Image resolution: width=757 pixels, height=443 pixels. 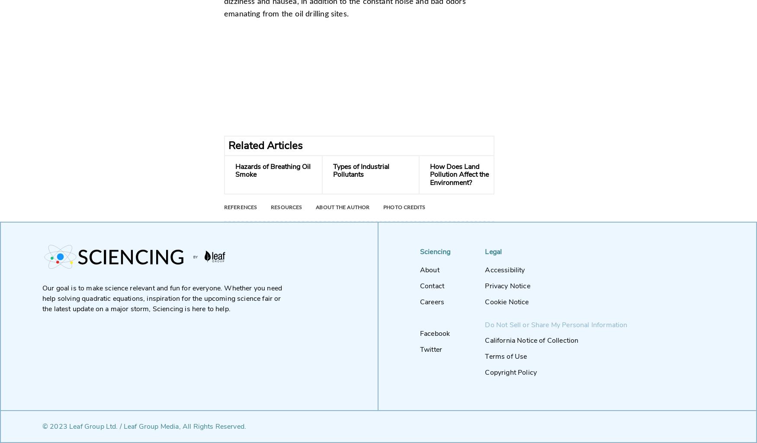 I want to click on 'Cookie Notice', so click(x=506, y=302).